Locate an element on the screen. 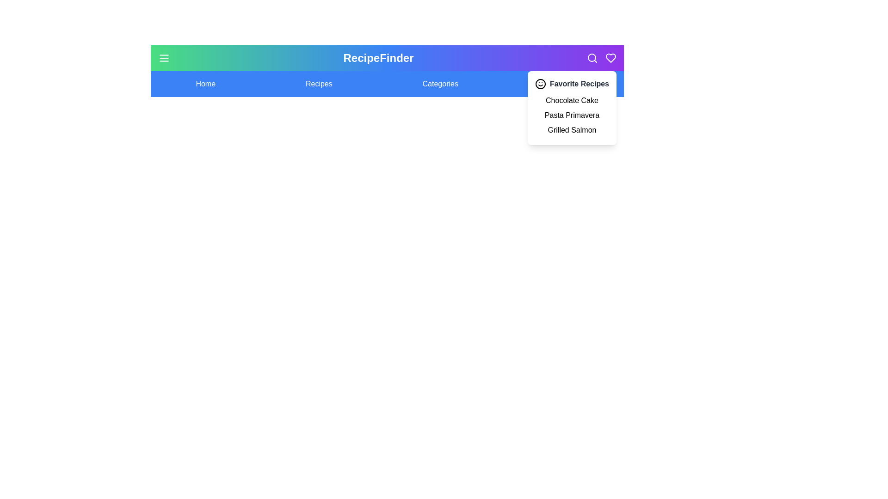 The width and height of the screenshot is (888, 499). the menu item labeled Home to navigate to its section is located at coordinates (205, 84).